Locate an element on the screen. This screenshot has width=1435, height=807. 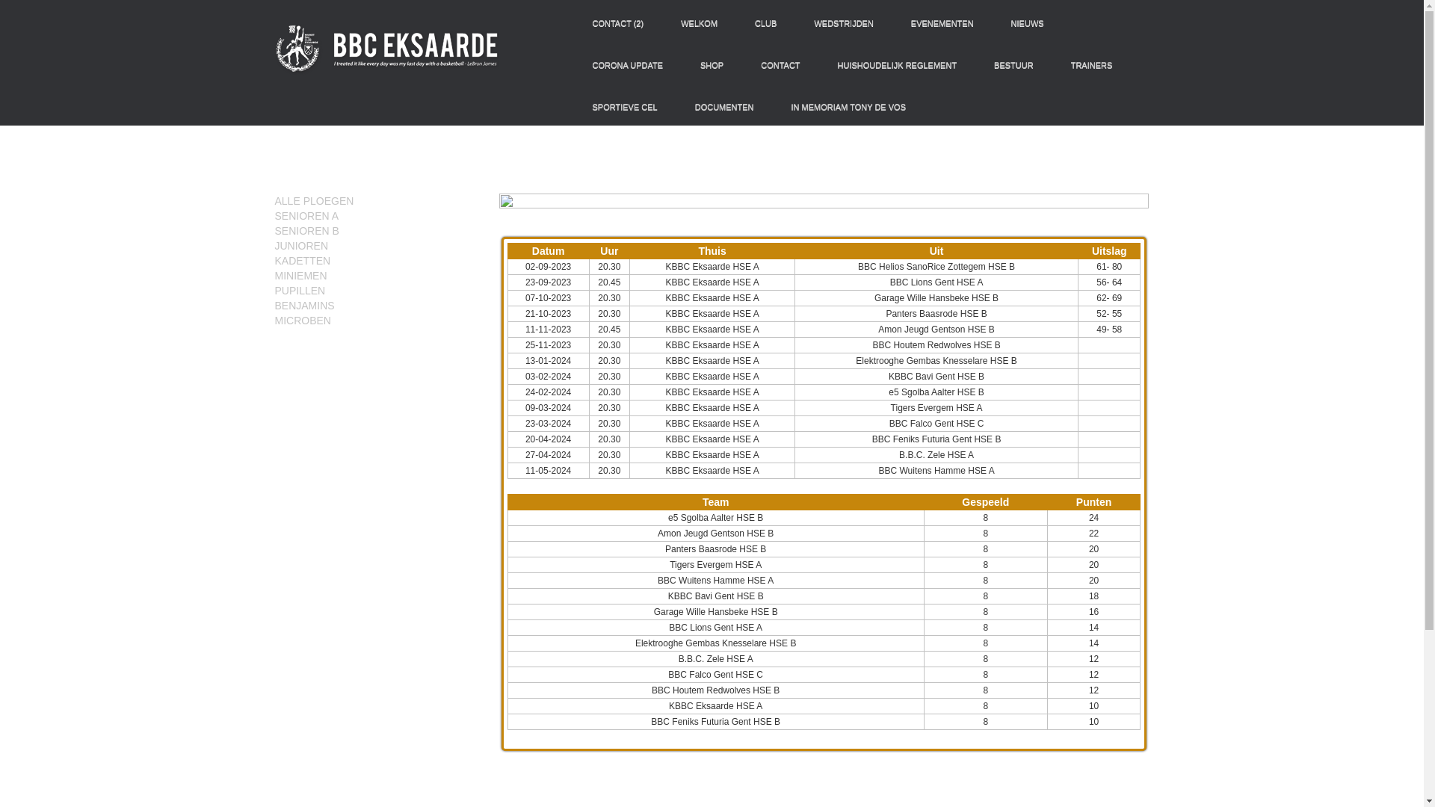
'CONTACT (2)' is located at coordinates (580, 22).